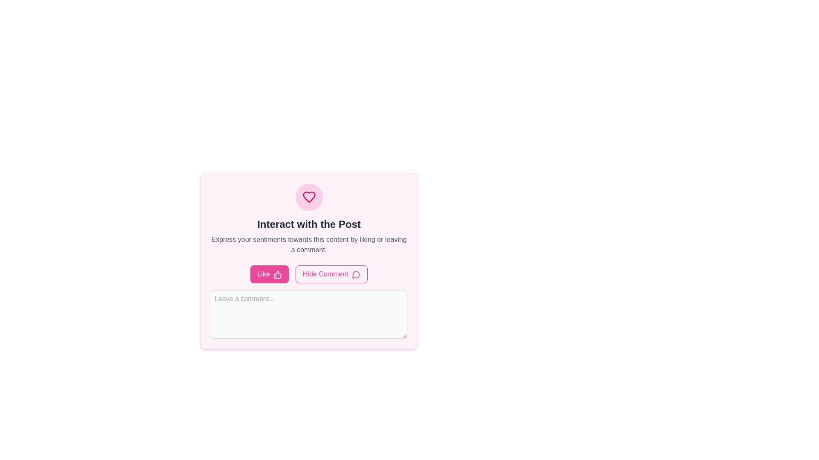 The width and height of the screenshot is (819, 460). What do you see at coordinates (308, 244) in the screenshot?
I see `the centered text paragraph in gray font on a pink background that instructs users to express their sentiments by liking or commenting` at bounding box center [308, 244].